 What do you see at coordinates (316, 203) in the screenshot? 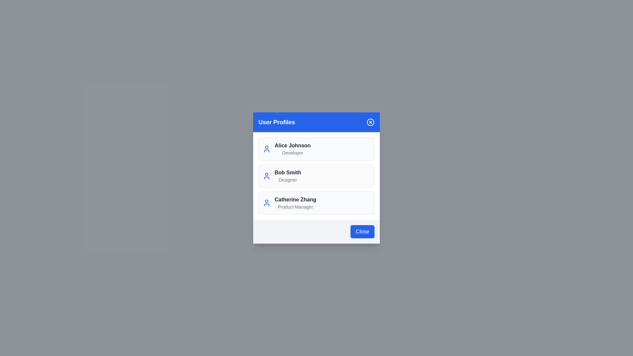
I see `the user profile Catherine Zhang from the list` at bounding box center [316, 203].